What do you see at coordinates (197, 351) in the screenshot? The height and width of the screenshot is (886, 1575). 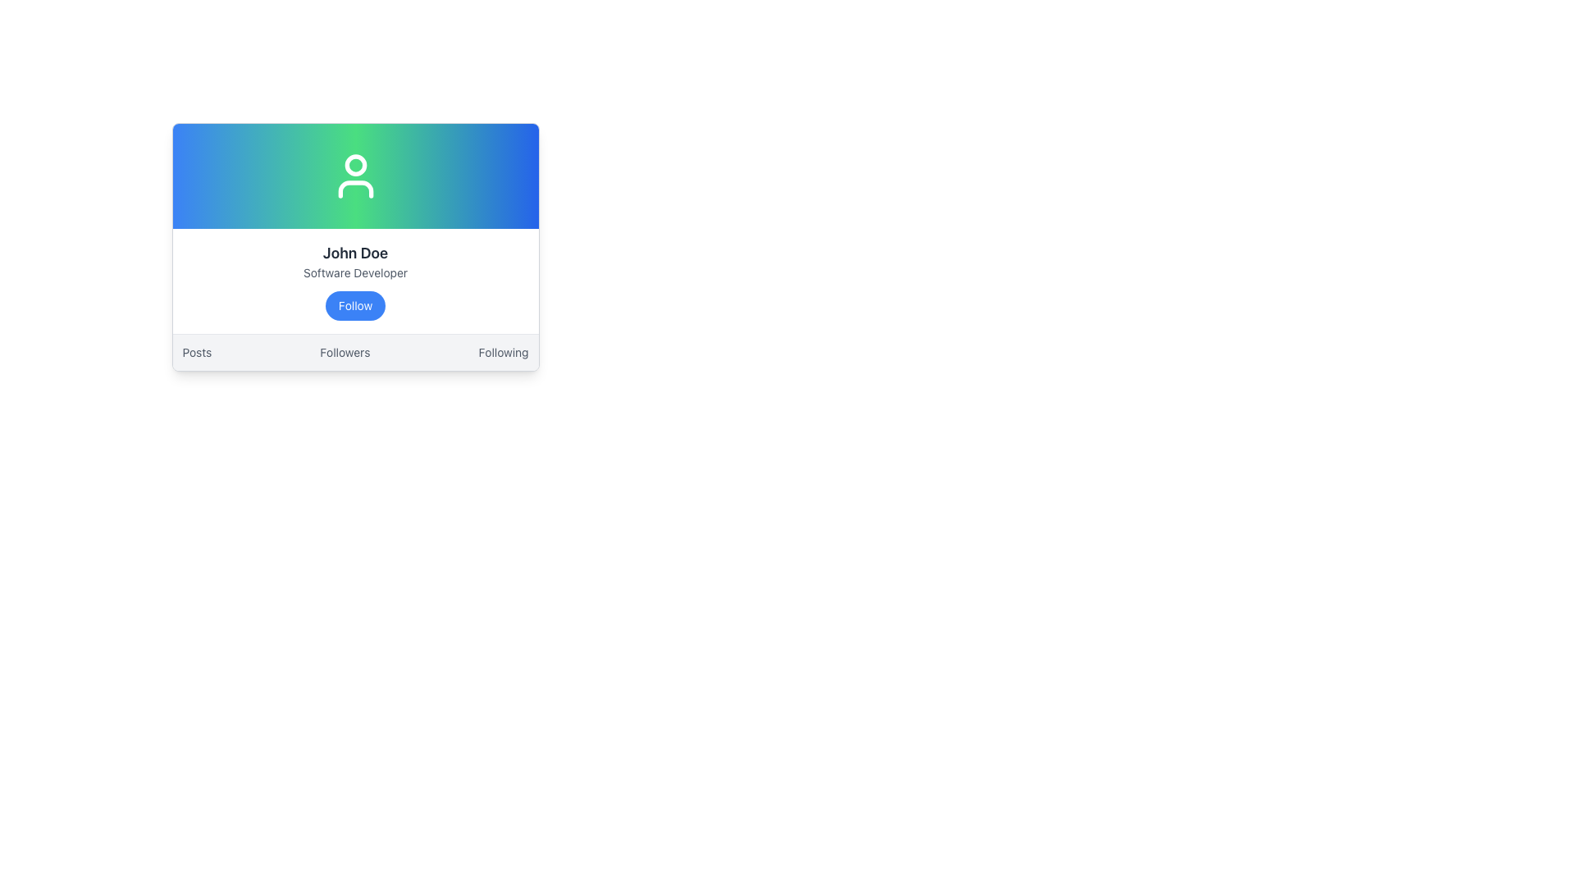 I see `the interactive text link reading 'Posts'` at bounding box center [197, 351].